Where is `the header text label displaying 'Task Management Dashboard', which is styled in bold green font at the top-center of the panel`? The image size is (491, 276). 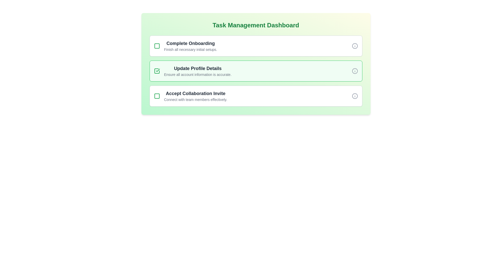 the header text label displaying 'Task Management Dashboard', which is styled in bold green font at the top-center of the panel is located at coordinates (256, 25).